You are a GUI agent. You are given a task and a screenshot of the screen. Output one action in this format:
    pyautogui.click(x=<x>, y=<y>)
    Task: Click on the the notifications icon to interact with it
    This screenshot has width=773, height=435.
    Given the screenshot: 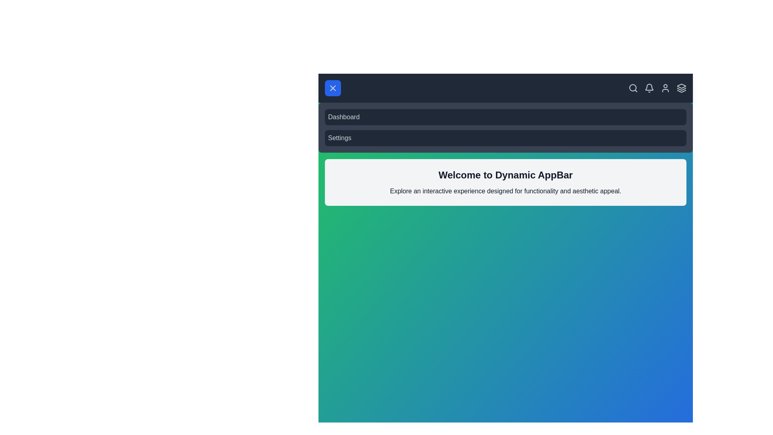 What is the action you would take?
    pyautogui.click(x=649, y=88)
    